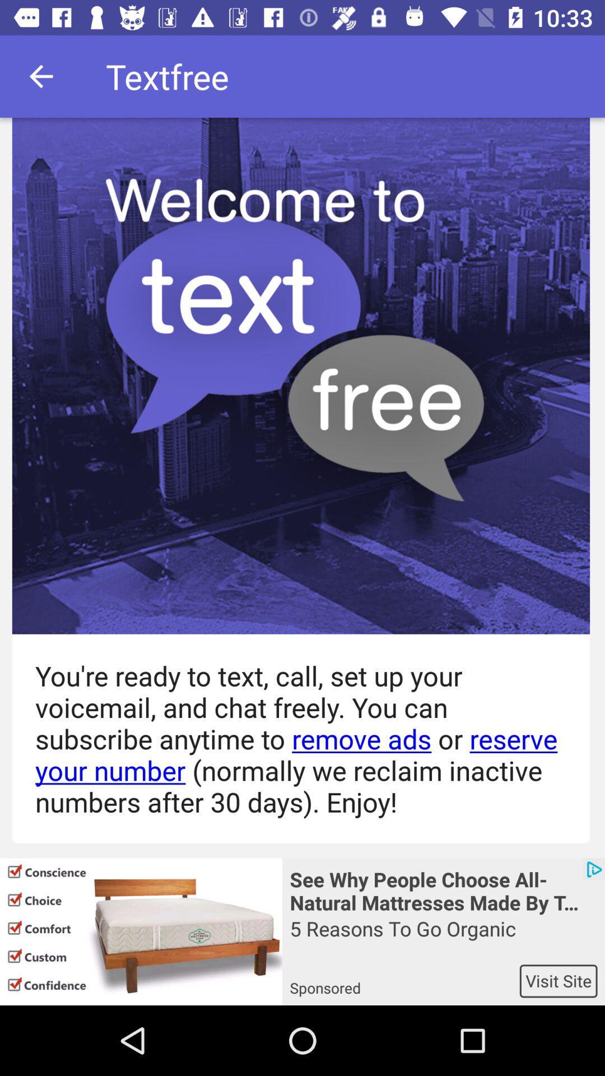  Describe the element at coordinates (443, 939) in the screenshot. I see `app above sponsored icon` at that location.